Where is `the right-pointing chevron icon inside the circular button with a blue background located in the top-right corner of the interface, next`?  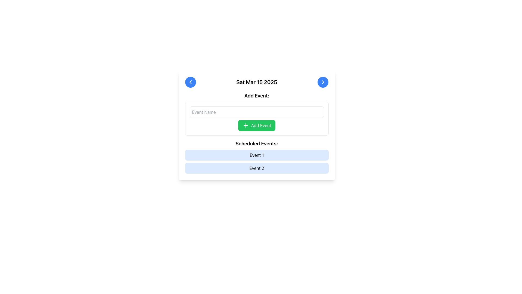
the right-pointing chevron icon inside the circular button with a blue background located in the top-right corner of the interface, next is located at coordinates (323, 82).